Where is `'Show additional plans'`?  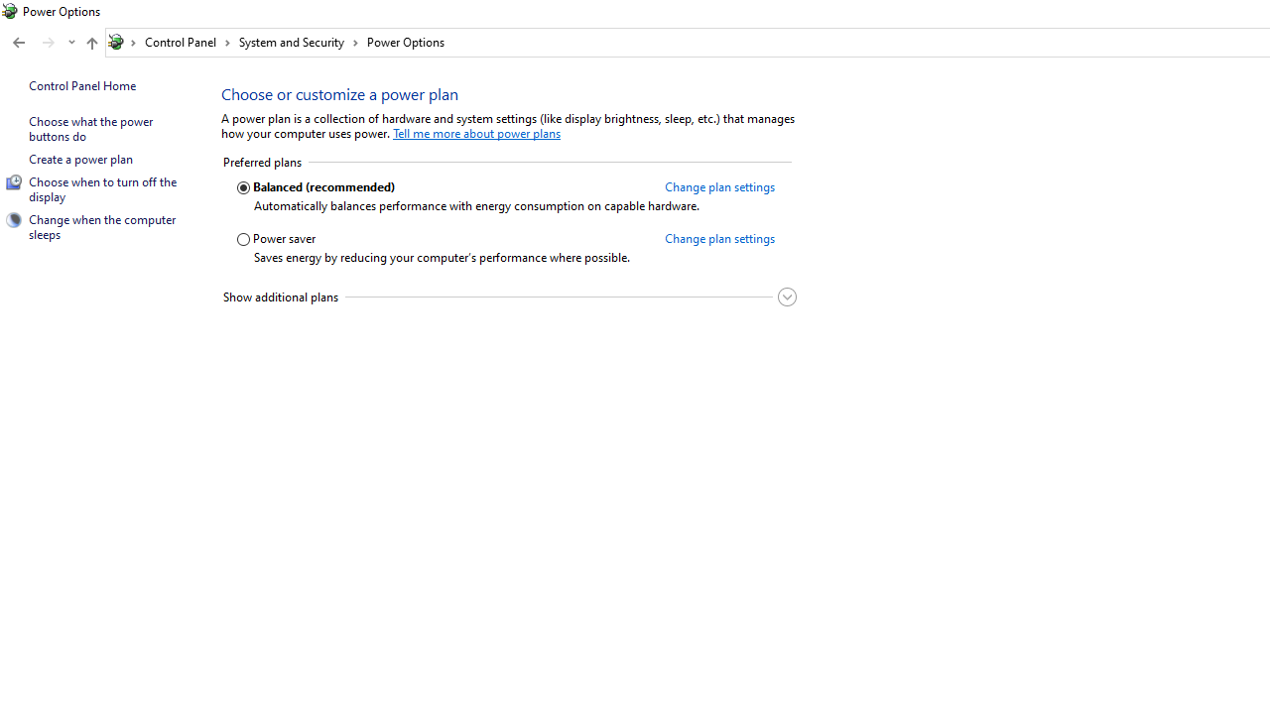 'Show additional plans' is located at coordinates (508, 297).